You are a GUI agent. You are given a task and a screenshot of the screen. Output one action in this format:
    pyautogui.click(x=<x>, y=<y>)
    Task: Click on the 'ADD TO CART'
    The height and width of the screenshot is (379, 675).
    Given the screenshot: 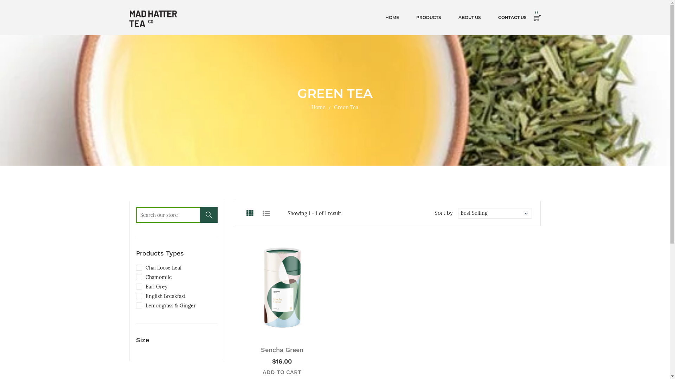 What is the action you would take?
    pyautogui.click(x=282, y=372)
    